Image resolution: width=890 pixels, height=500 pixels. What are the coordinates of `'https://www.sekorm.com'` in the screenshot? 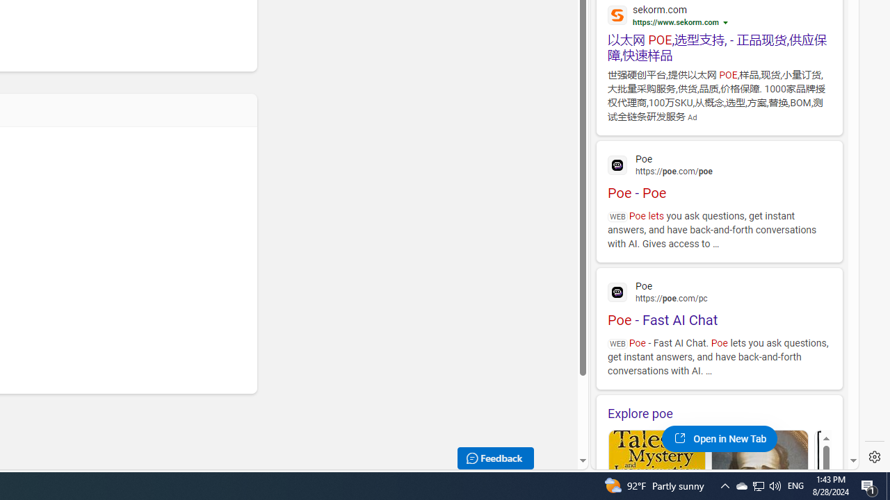 It's located at (676, 22).